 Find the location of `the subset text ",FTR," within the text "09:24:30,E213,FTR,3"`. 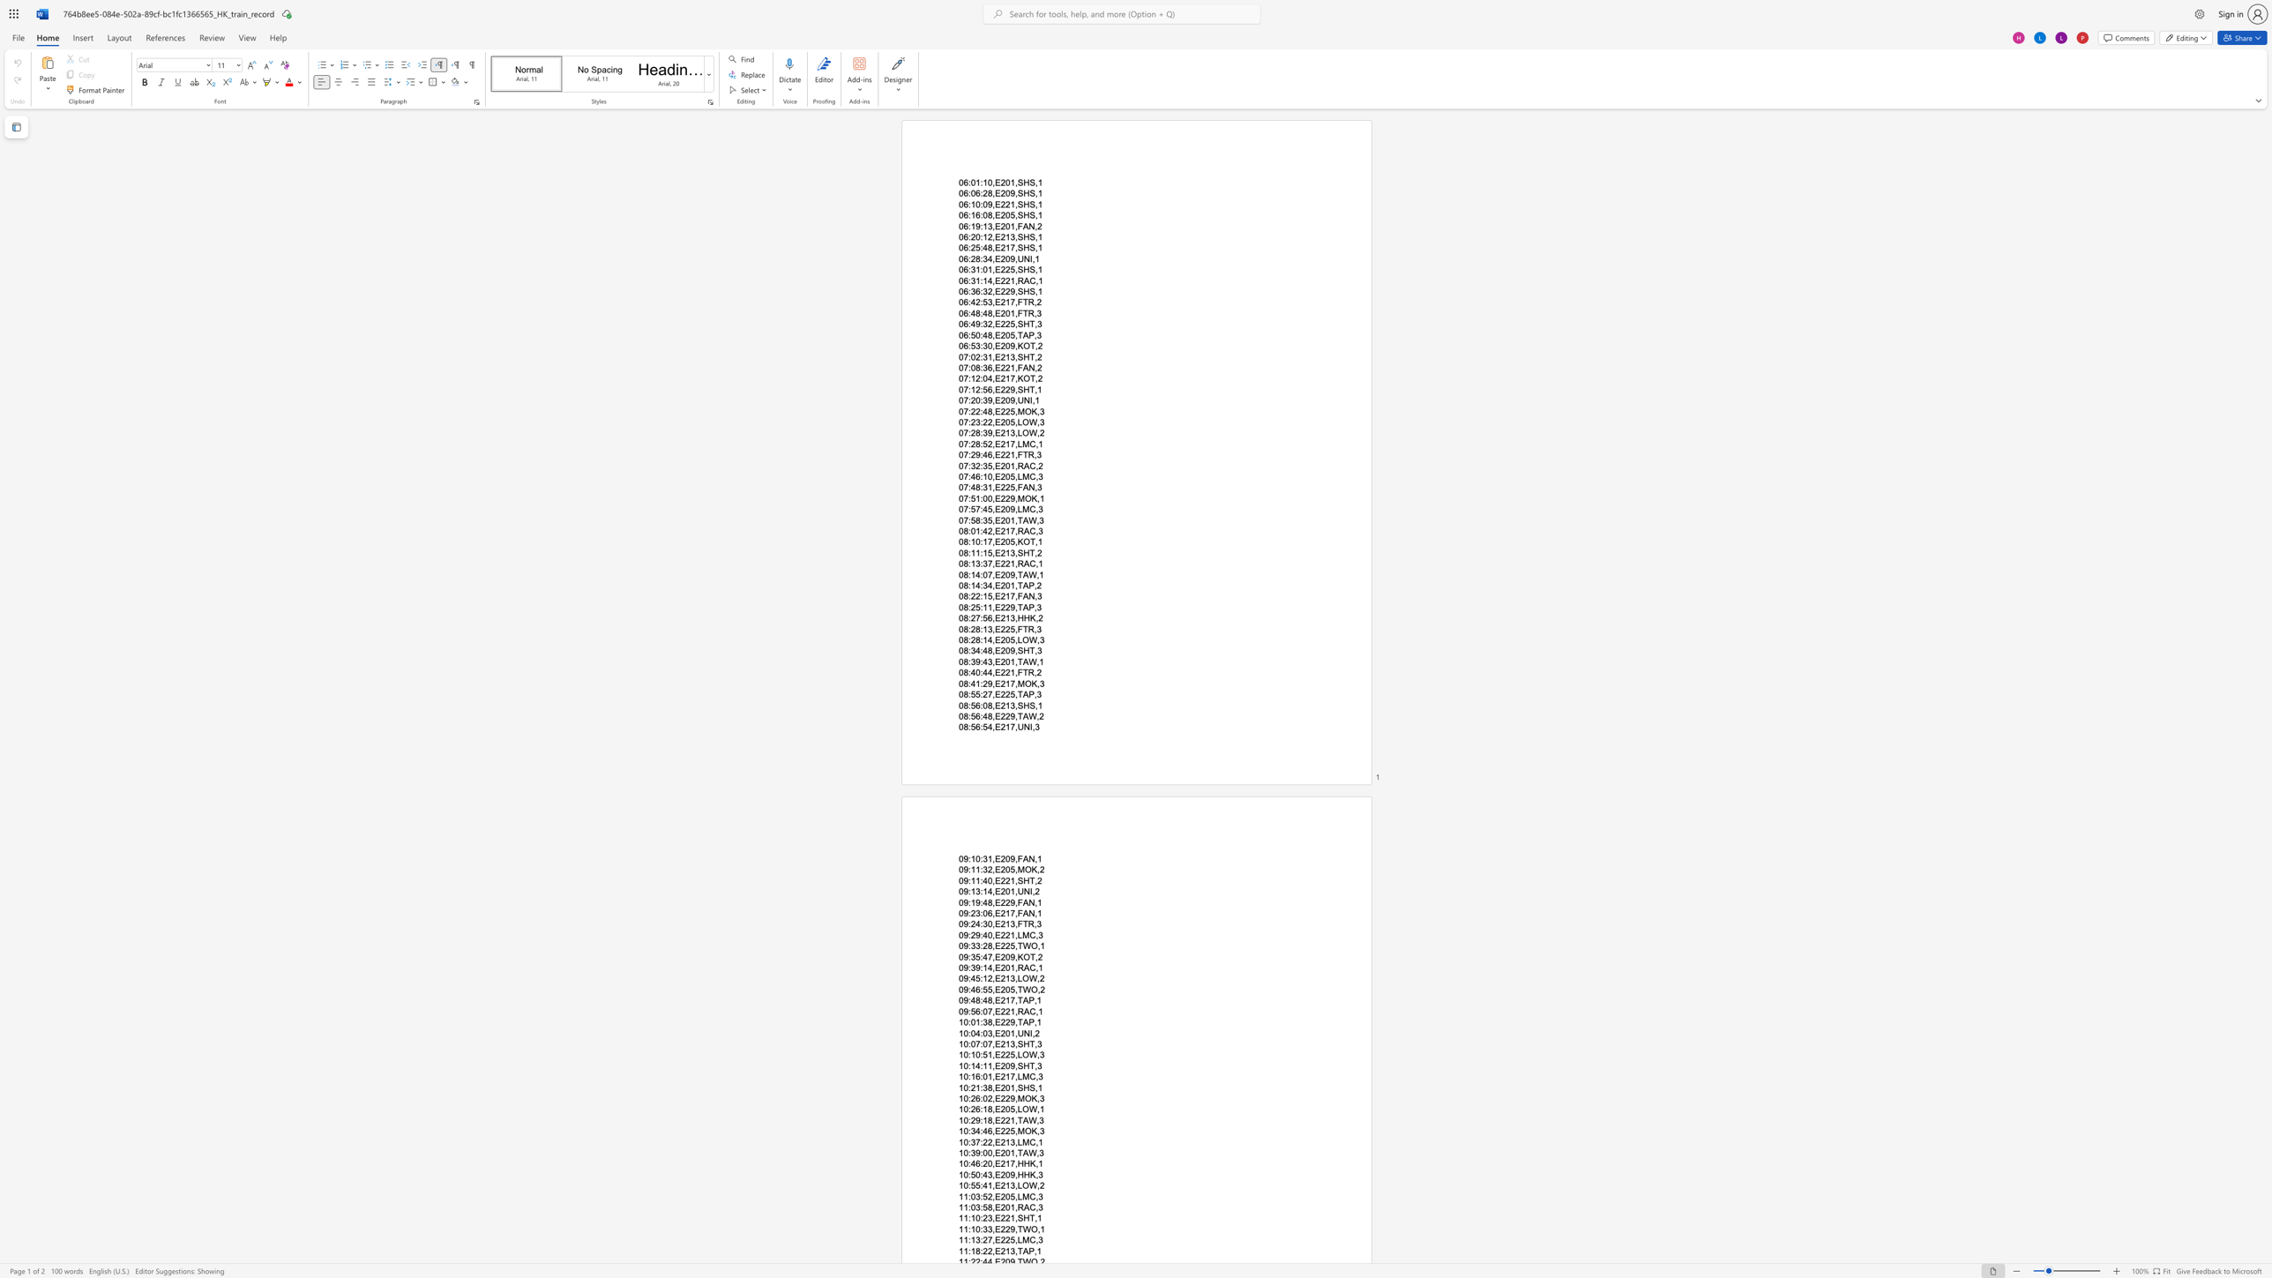

the subset text ",FTR," within the text "09:24:30,E213,FTR,3" is located at coordinates (1013, 923).